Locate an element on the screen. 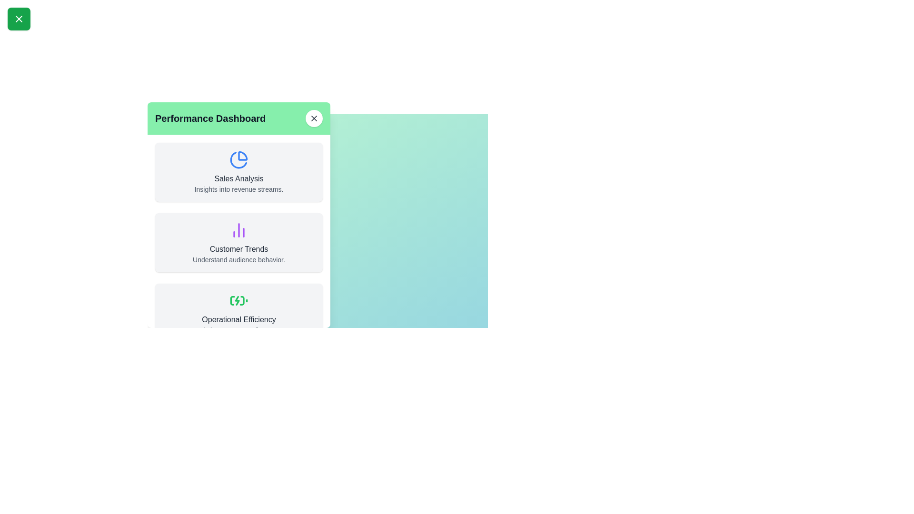 The width and height of the screenshot is (914, 514). descriptive text provided by the Text Label located below the title 'Customer Trends' in the middle card of a three-card vertical layout is located at coordinates (239, 260).